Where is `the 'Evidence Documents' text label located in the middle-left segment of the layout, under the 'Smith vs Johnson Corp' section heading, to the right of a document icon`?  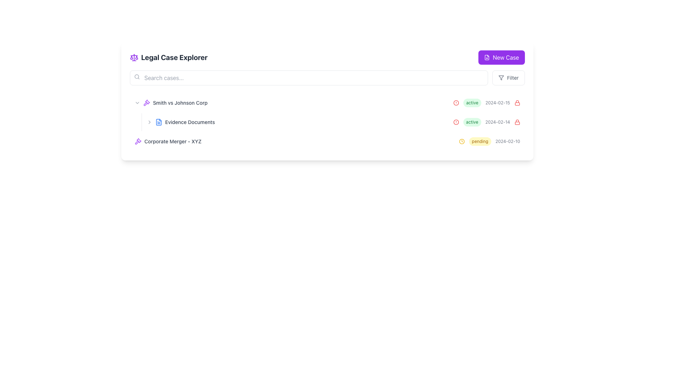
the 'Evidence Documents' text label located in the middle-left segment of the layout, under the 'Smith vs Johnson Corp' section heading, to the right of a document icon is located at coordinates (190, 122).